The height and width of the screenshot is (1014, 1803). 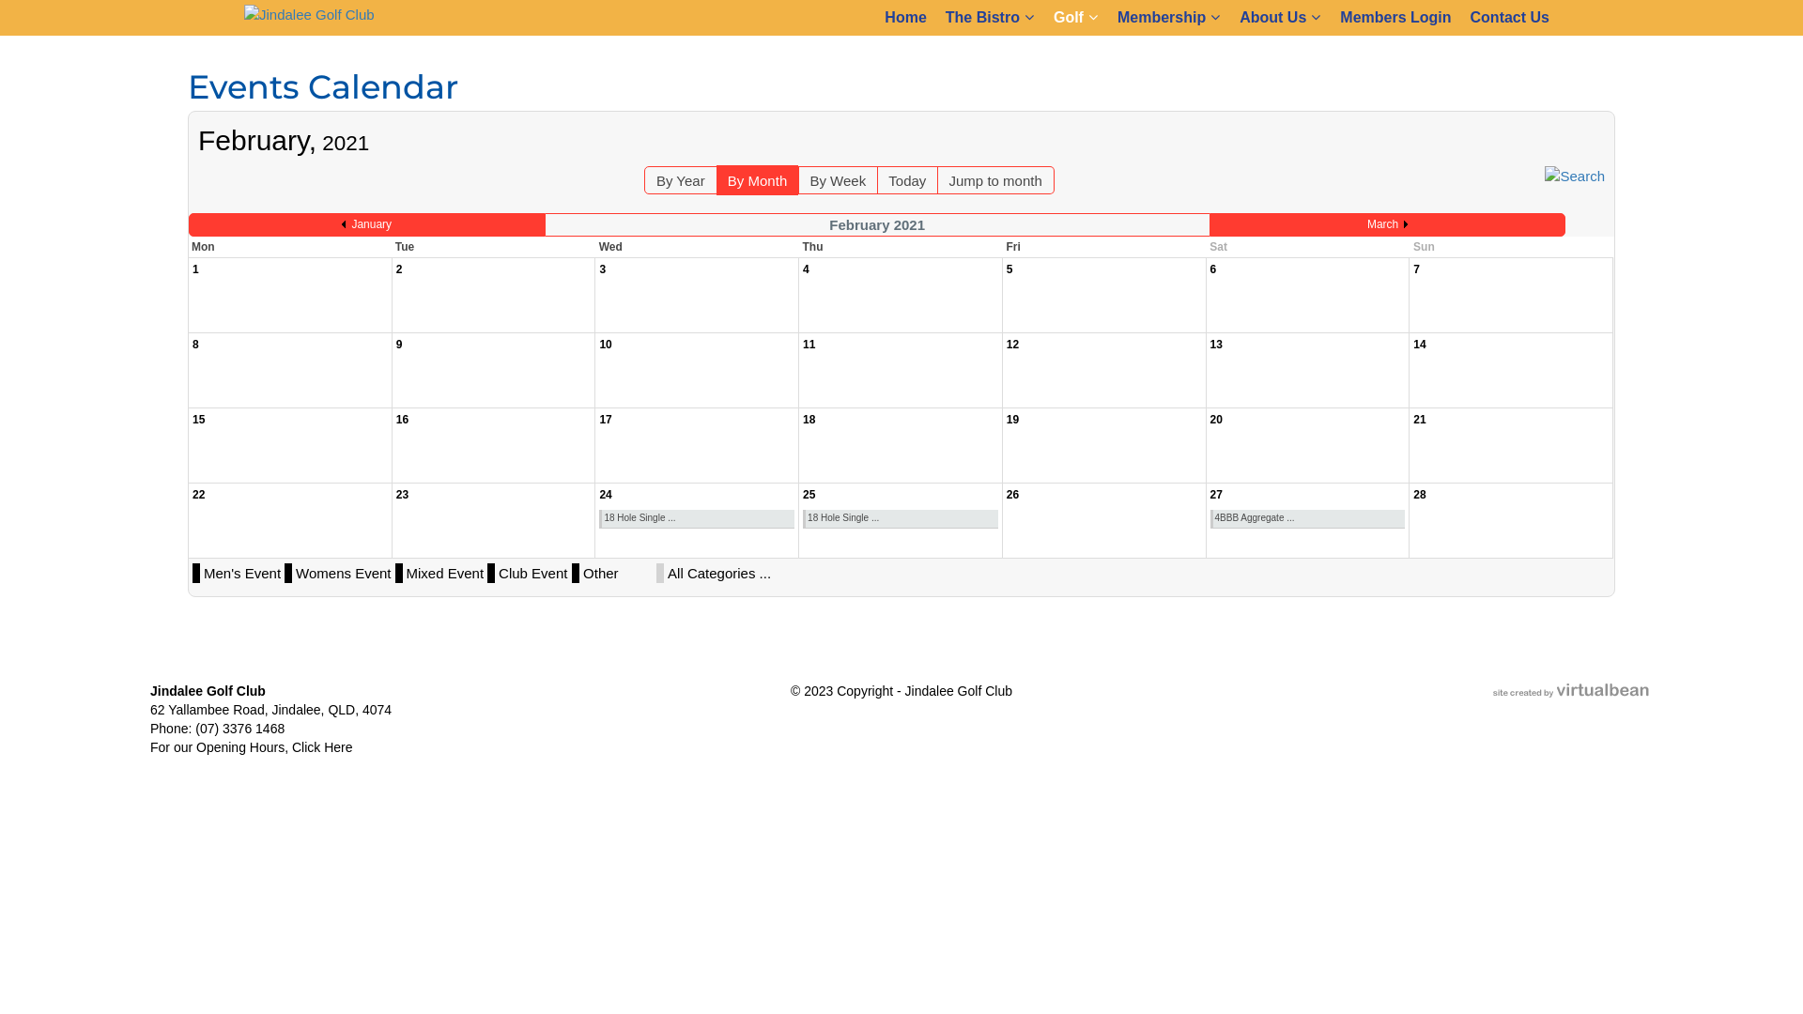 What do you see at coordinates (532, 572) in the screenshot?
I see `'Club Event'` at bounding box center [532, 572].